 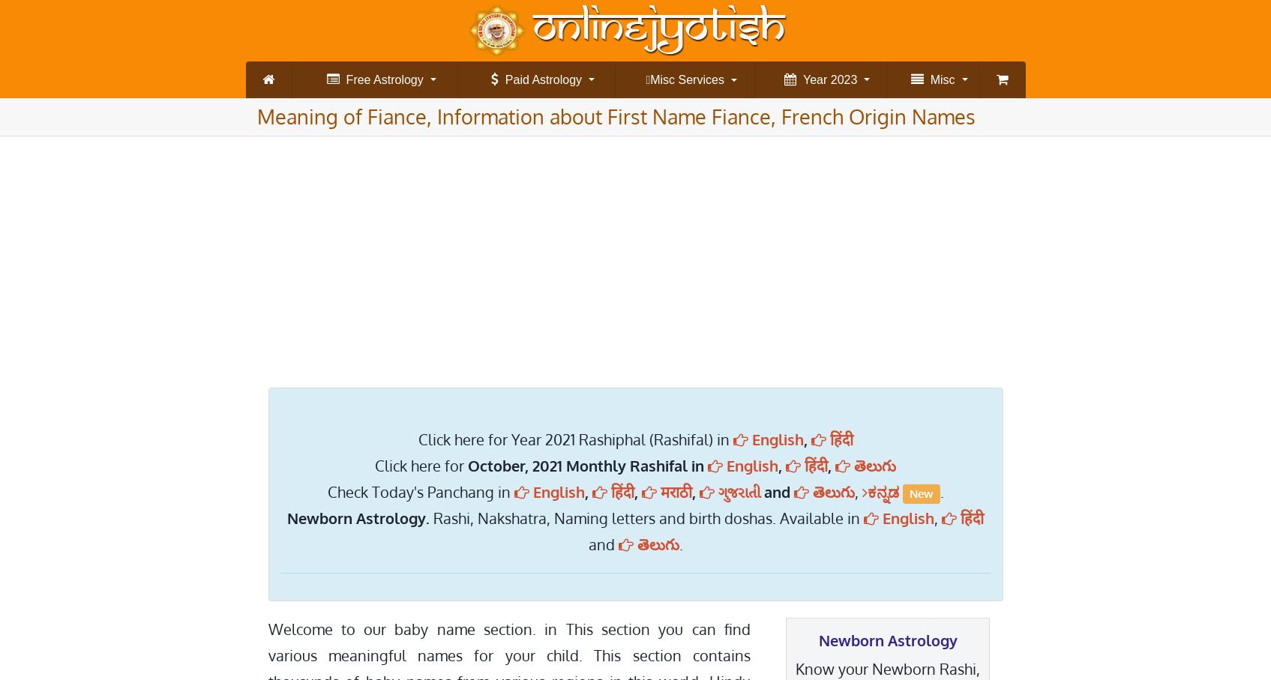 I want to click on 'New', so click(x=921, y=493).